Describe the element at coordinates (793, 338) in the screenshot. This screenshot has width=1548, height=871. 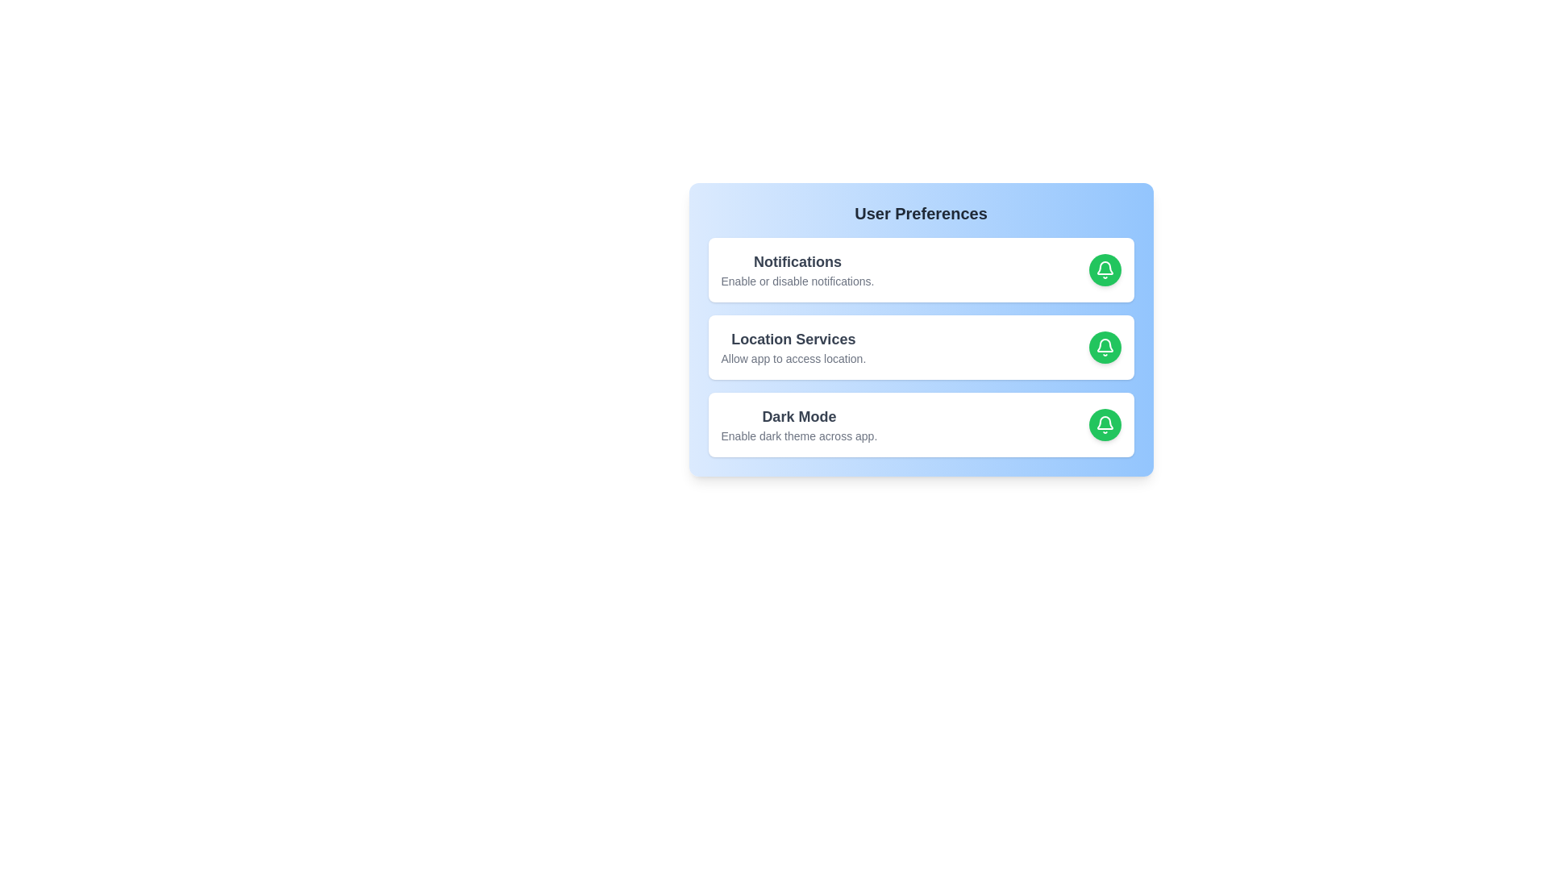
I see `the text of the preference item 'Location Services'` at that location.